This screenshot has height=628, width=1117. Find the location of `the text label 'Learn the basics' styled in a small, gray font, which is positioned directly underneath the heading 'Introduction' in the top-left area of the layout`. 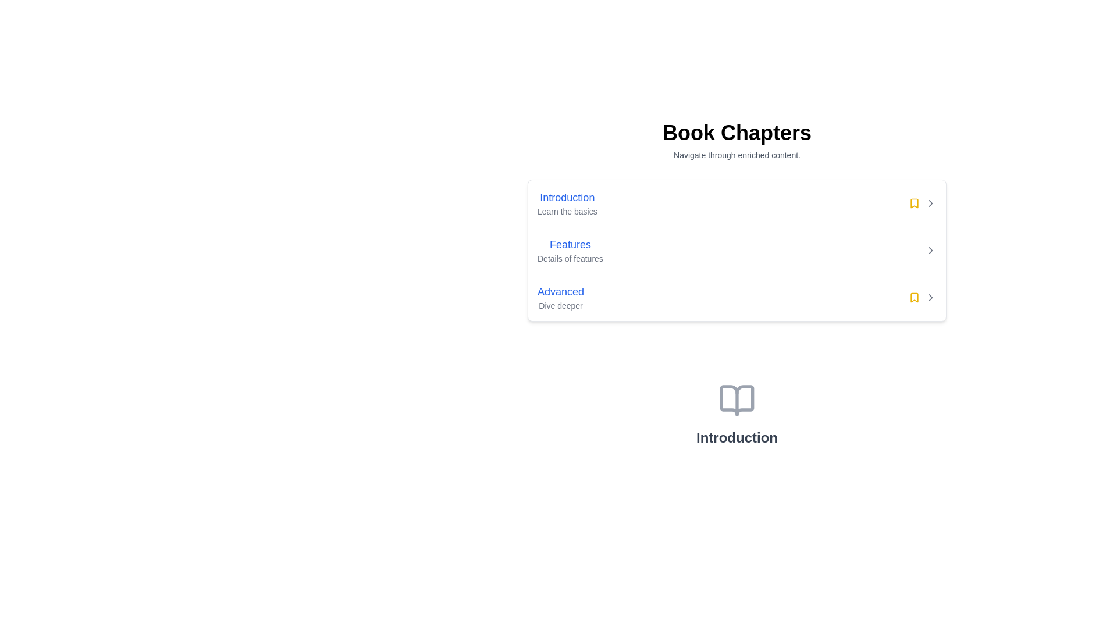

the text label 'Learn the basics' styled in a small, gray font, which is positioned directly underneath the heading 'Introduction' in the top-left area of the layout is located at coordinates (567, 211).